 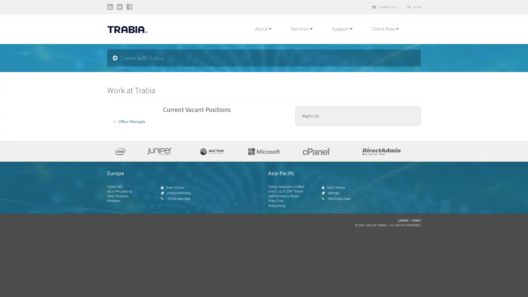 What do you see at coordinates (301, 29) in the screenshot?
I see `Services` at bounding box center [301, 29].